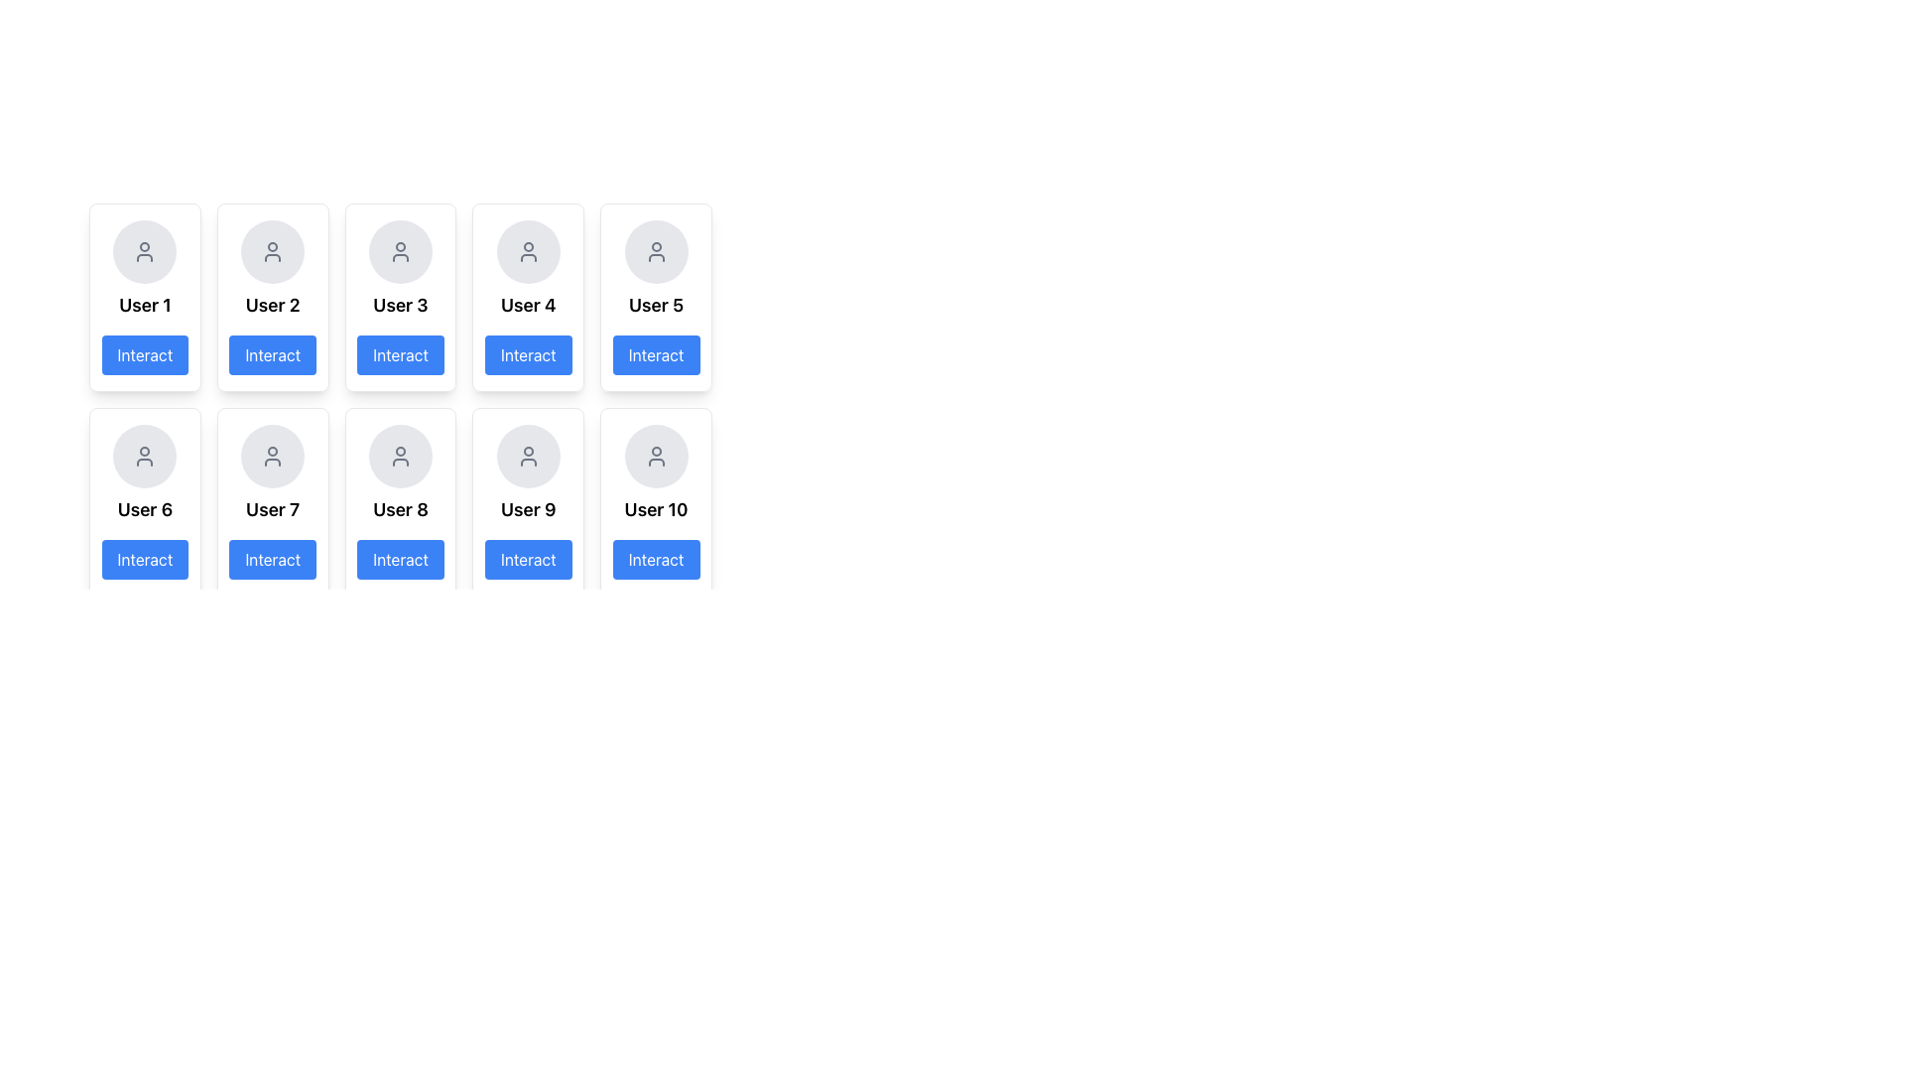 This screenshot has height=1072, width=1905. I want to click on the circular user silhouette icon with a gray background, located at the top center of the 'User 6' card, so click(144, 456).